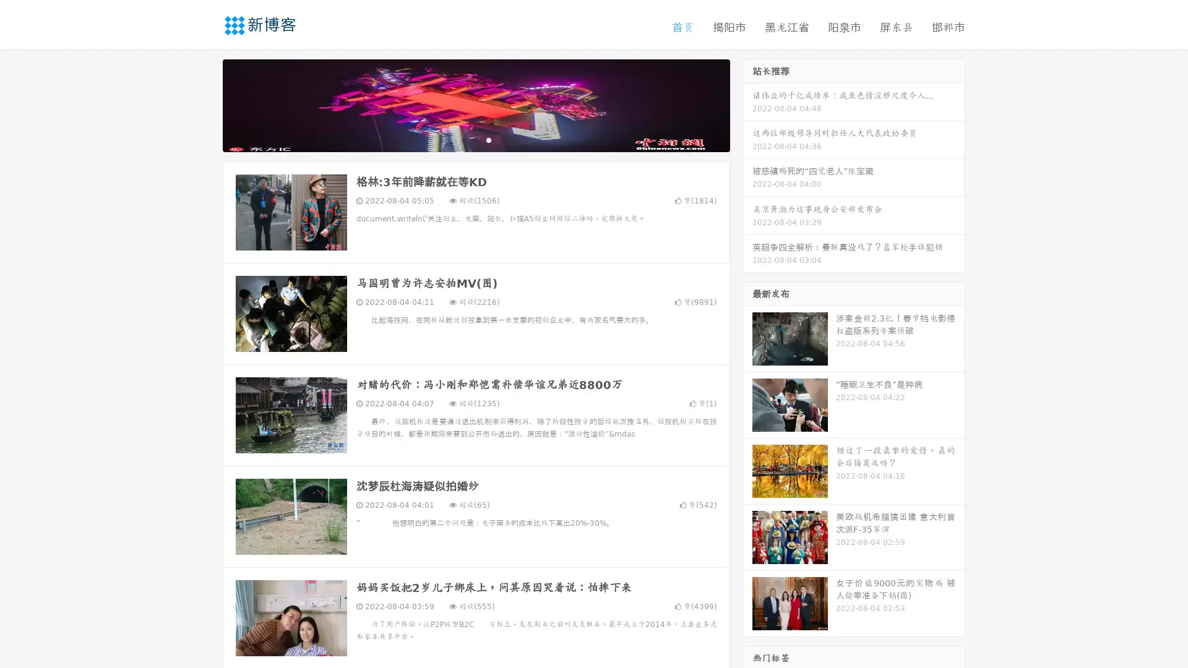 The height and width of the screenshot is (668, 1188). Describe the element at coordinates (475, 139) in the screenshot. I see `Go to slide 2` at that location.